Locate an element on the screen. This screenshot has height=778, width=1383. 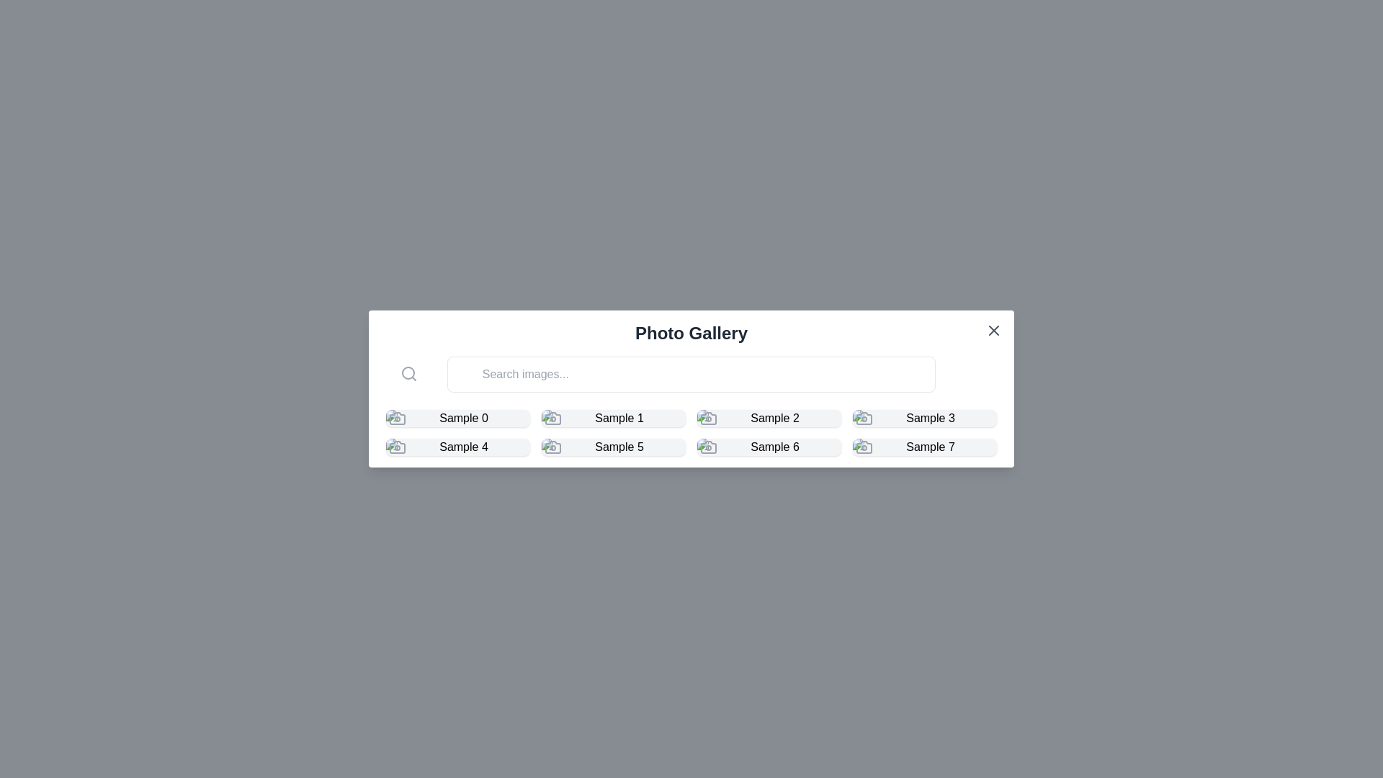
the camera icon located within the tile labeled 'Sample 5', which features a modern minimalistic outline and is centered within the tile is located at coordinates (552, 447).